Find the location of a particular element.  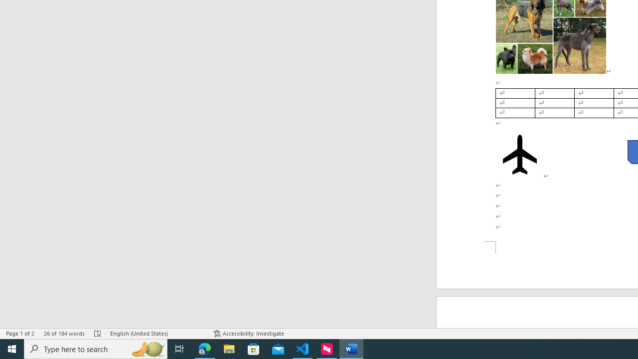

'Airplane with solid fill' is located at coordinates (519, 154).